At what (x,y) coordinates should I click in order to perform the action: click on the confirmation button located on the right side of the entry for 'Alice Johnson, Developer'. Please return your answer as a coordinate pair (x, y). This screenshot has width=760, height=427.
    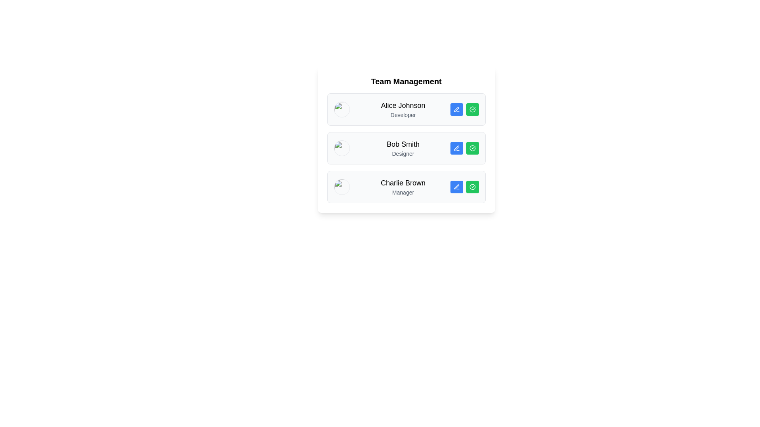
    Looking at the image, I should click on (472, 110).